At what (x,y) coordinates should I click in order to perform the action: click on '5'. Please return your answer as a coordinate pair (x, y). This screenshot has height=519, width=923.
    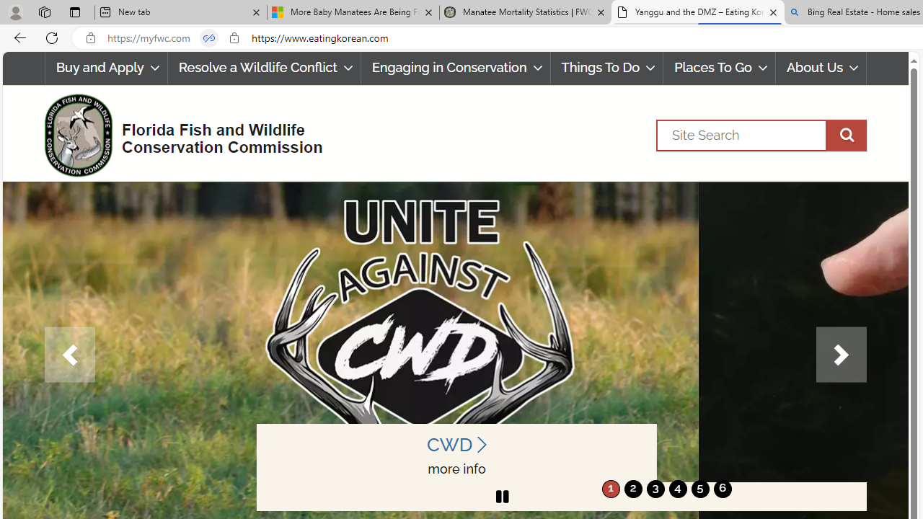
    Looking at the image, I should click on (699, 488).